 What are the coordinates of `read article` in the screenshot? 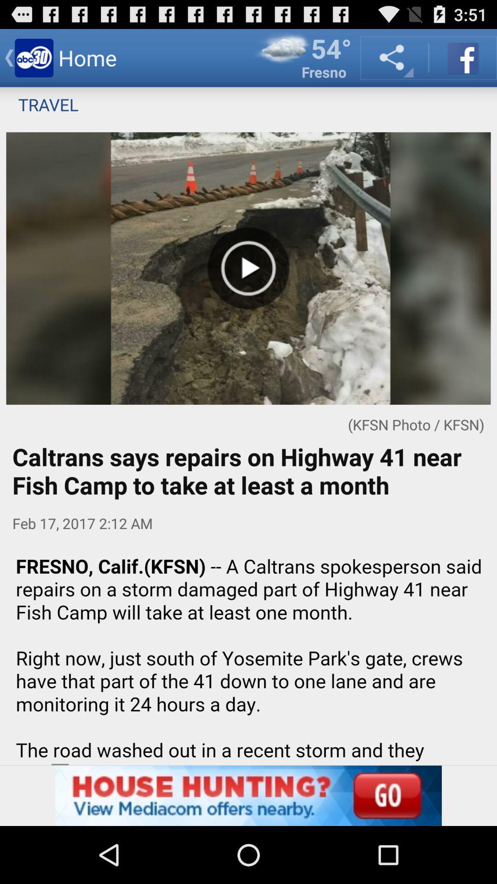 It's located at (248, 654).